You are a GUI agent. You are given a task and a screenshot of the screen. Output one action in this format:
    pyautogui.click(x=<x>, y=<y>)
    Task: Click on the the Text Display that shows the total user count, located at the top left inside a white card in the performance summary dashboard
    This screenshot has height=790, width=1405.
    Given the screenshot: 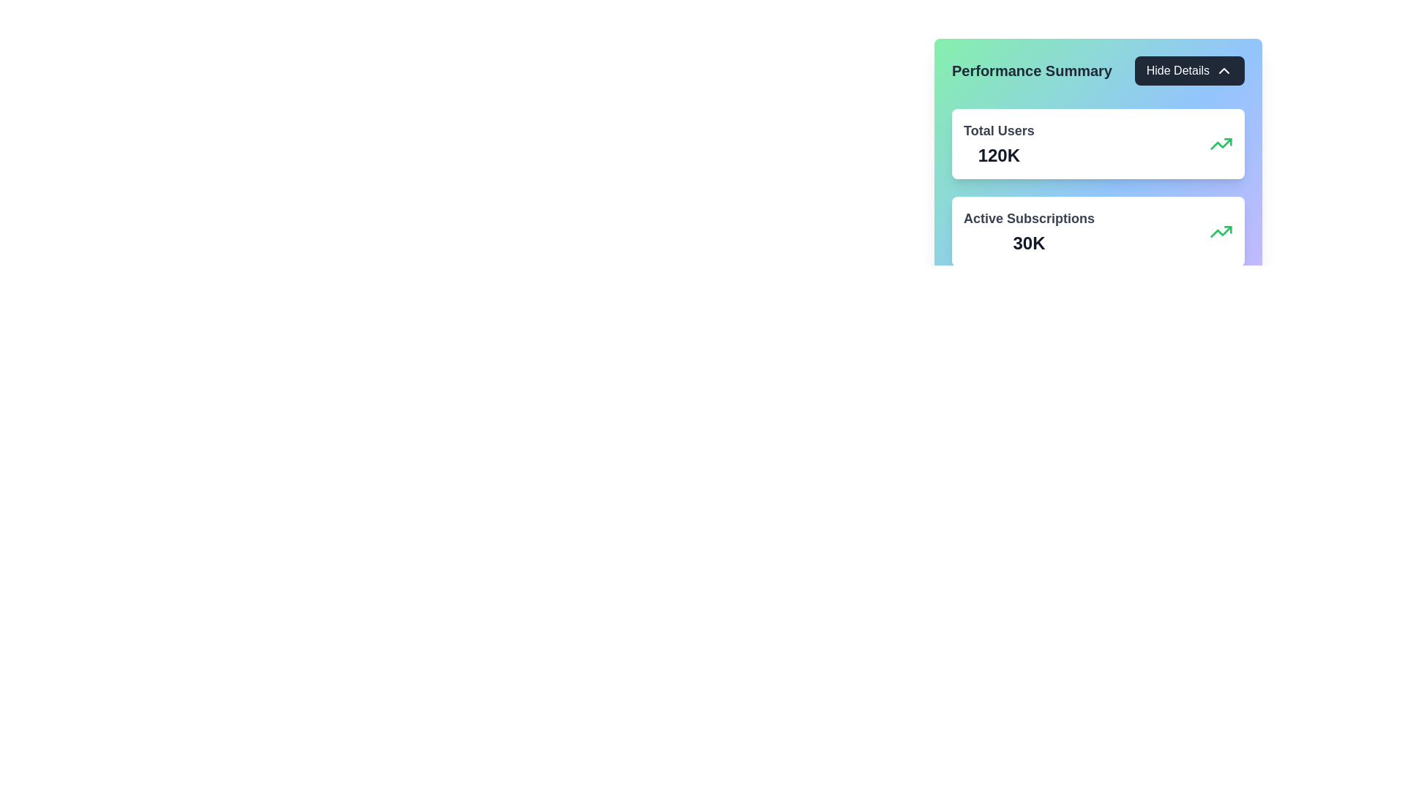 What is the action you would take?
    pyautogui.click(x=998, y=143)
    